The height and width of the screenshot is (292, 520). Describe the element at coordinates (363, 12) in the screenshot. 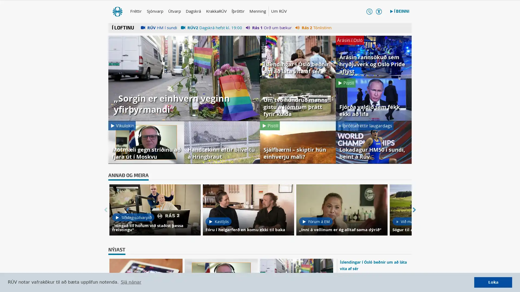

I see `hidden Leit a ruv.is` at that location.